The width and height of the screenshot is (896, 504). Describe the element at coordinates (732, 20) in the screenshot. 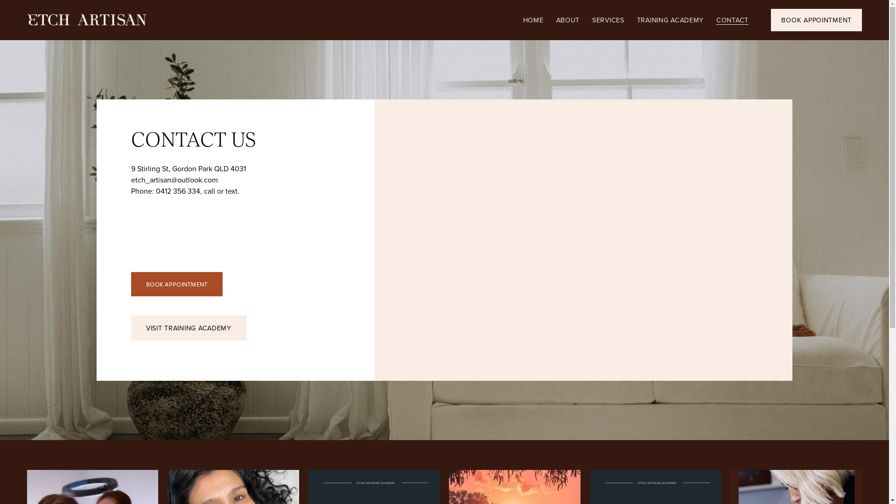

I see `'CONTACT'` at that location.